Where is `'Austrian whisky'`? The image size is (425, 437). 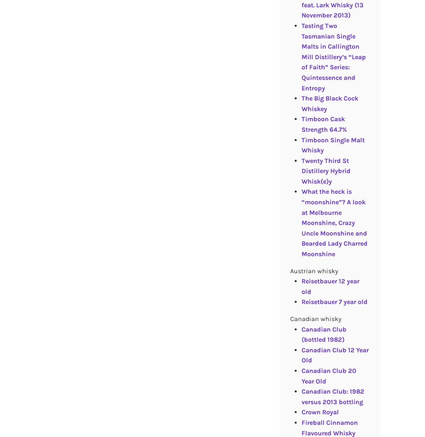 'Austrian whisky' is located at coordinates (314, 270).